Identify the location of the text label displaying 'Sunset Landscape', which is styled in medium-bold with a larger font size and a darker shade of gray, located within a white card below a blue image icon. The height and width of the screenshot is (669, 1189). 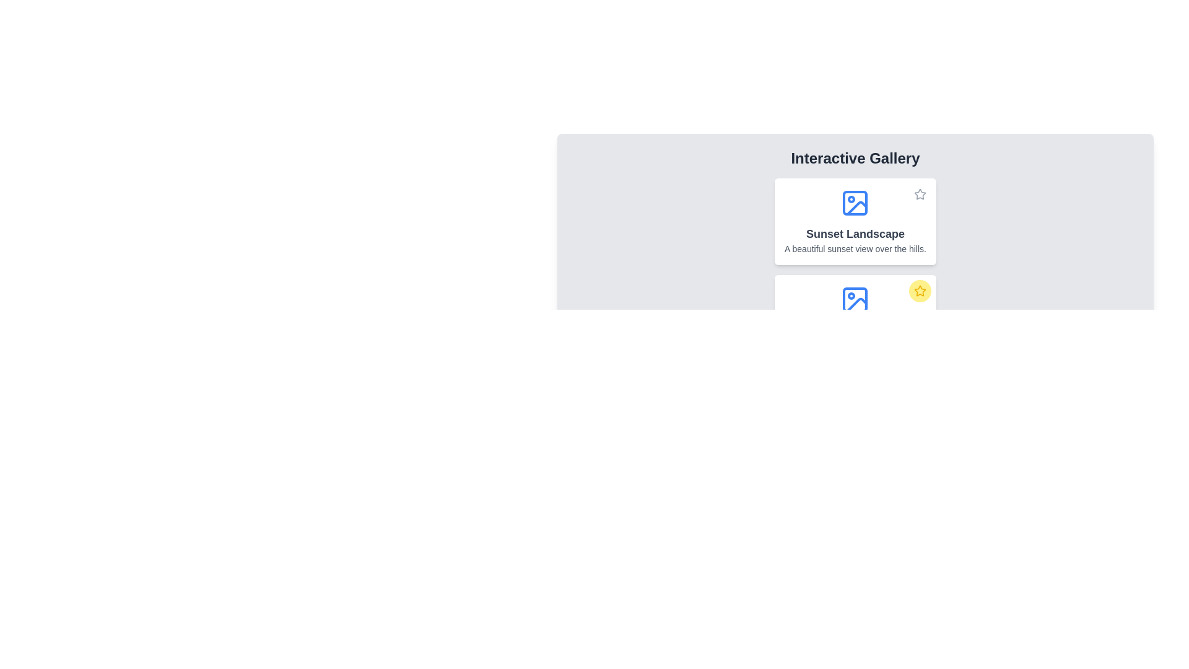
(855, 234).